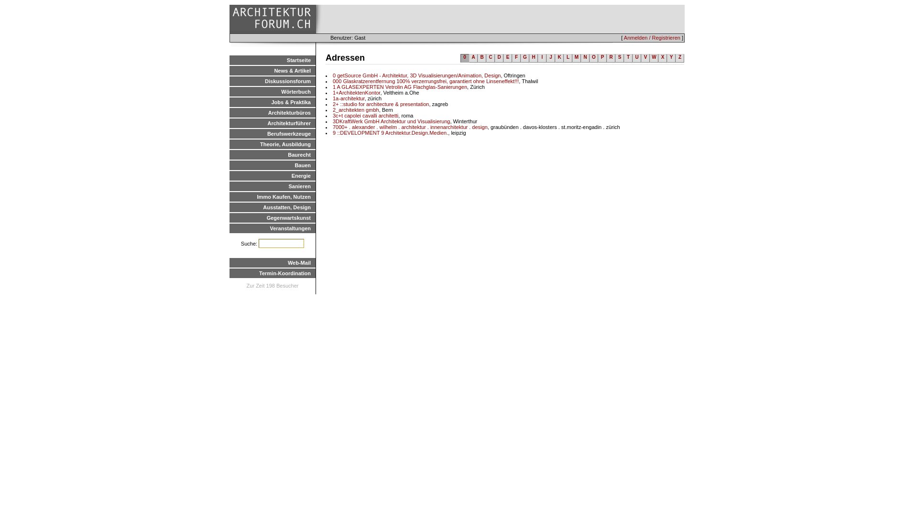  What do you see at coordinates (348, 98) in the screenshot?
I see `'1a-architektur'` at bounding box center [348, 98].